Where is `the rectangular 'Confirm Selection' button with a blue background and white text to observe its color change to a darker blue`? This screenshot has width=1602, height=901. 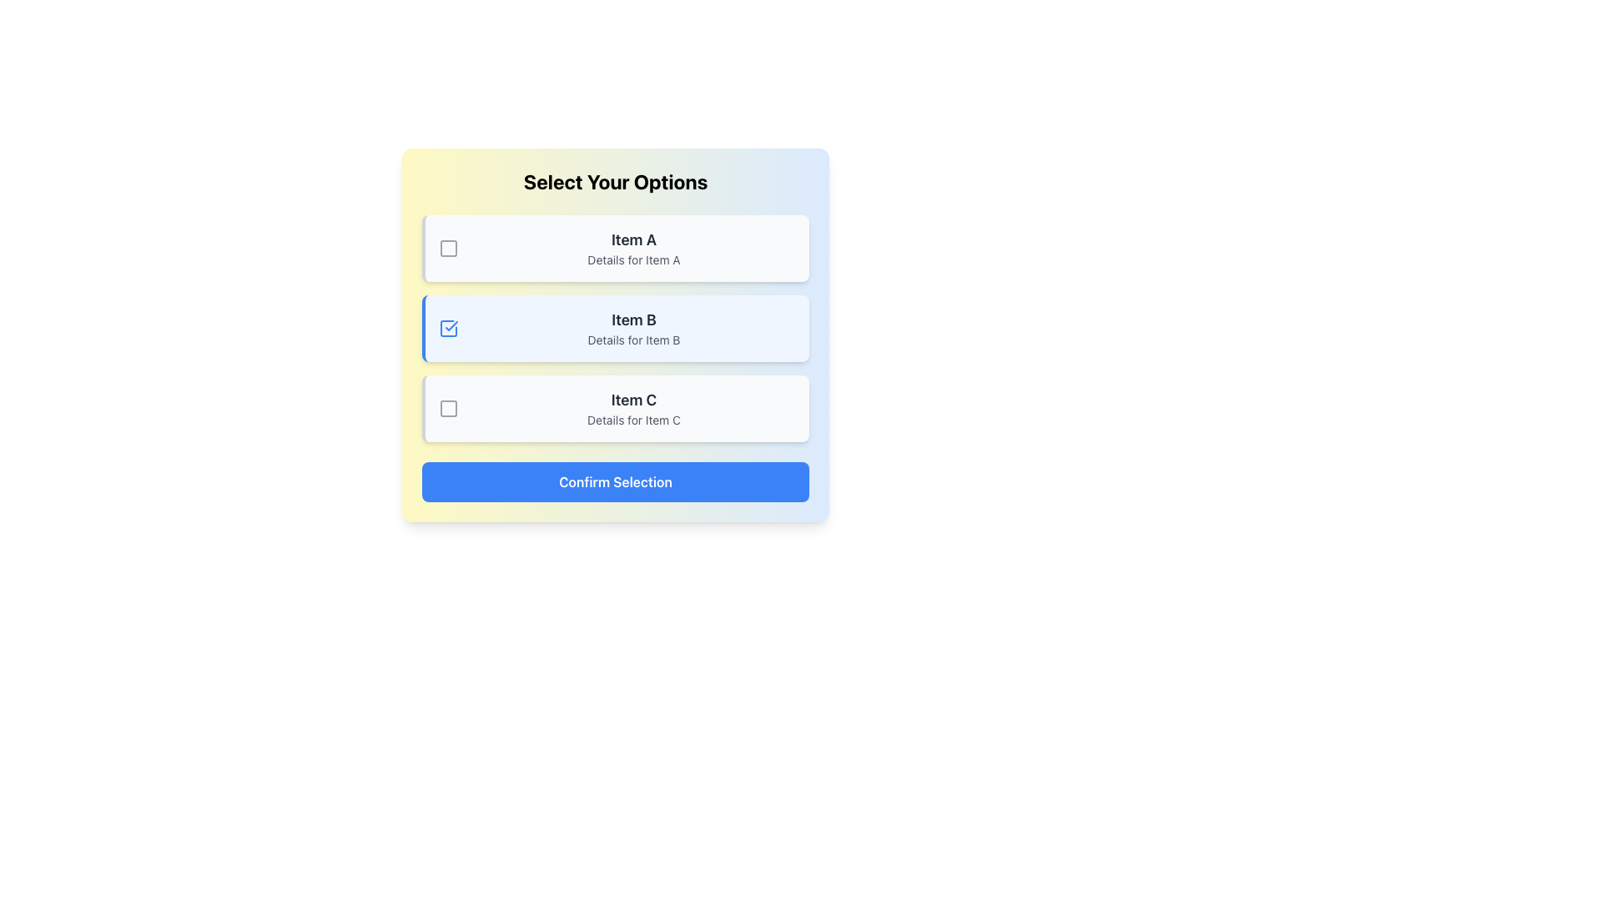 the rectangular 'Confirm Selection' button with a blue background and white text to observe its color change to a darker blue is located at coordinates (615, 482).